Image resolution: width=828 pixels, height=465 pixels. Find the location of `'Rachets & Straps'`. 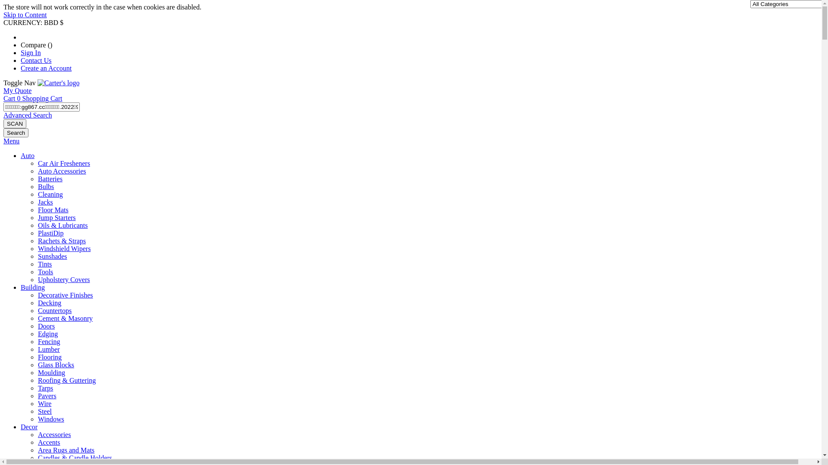

'Rachets & Straps' is located at coordinates (37, 241).